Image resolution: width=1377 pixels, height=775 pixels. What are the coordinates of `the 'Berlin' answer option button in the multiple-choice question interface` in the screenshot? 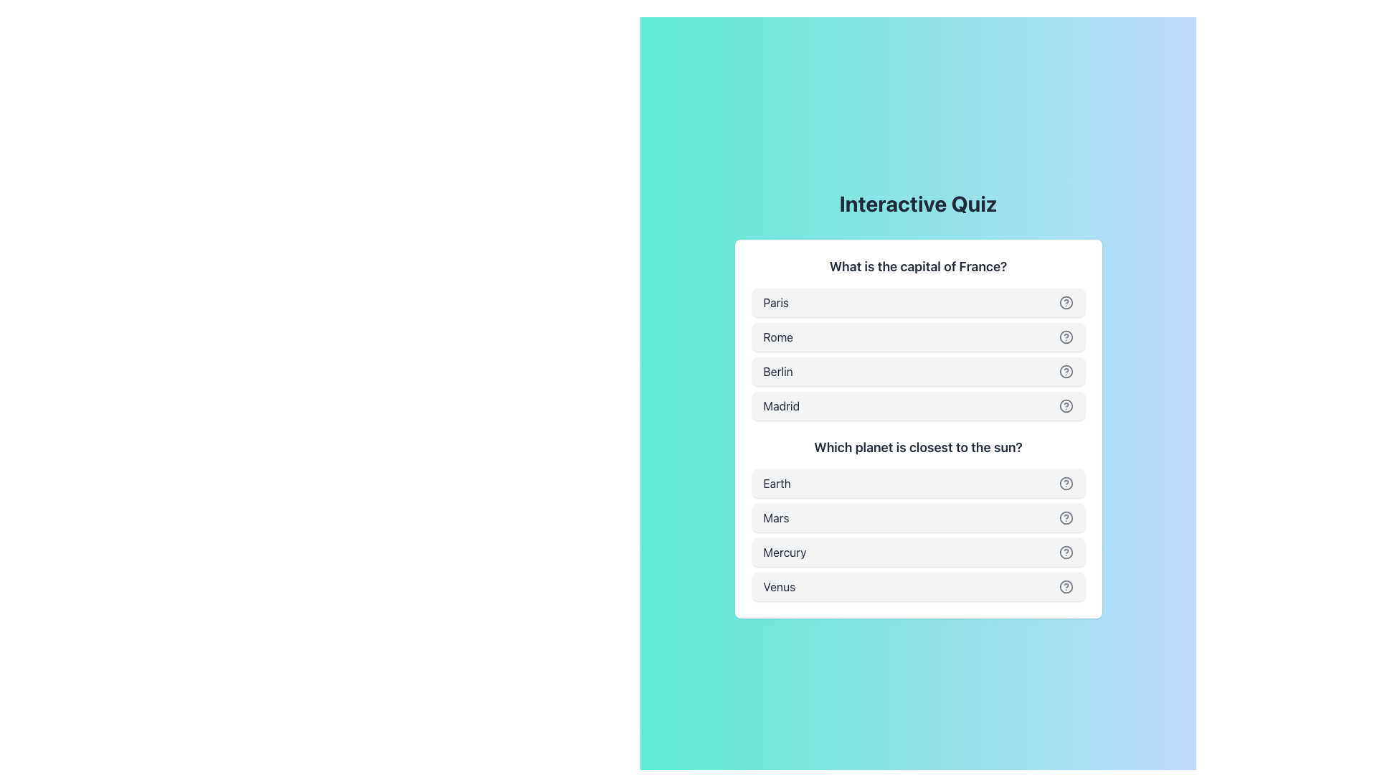 It's located at (918, 370).